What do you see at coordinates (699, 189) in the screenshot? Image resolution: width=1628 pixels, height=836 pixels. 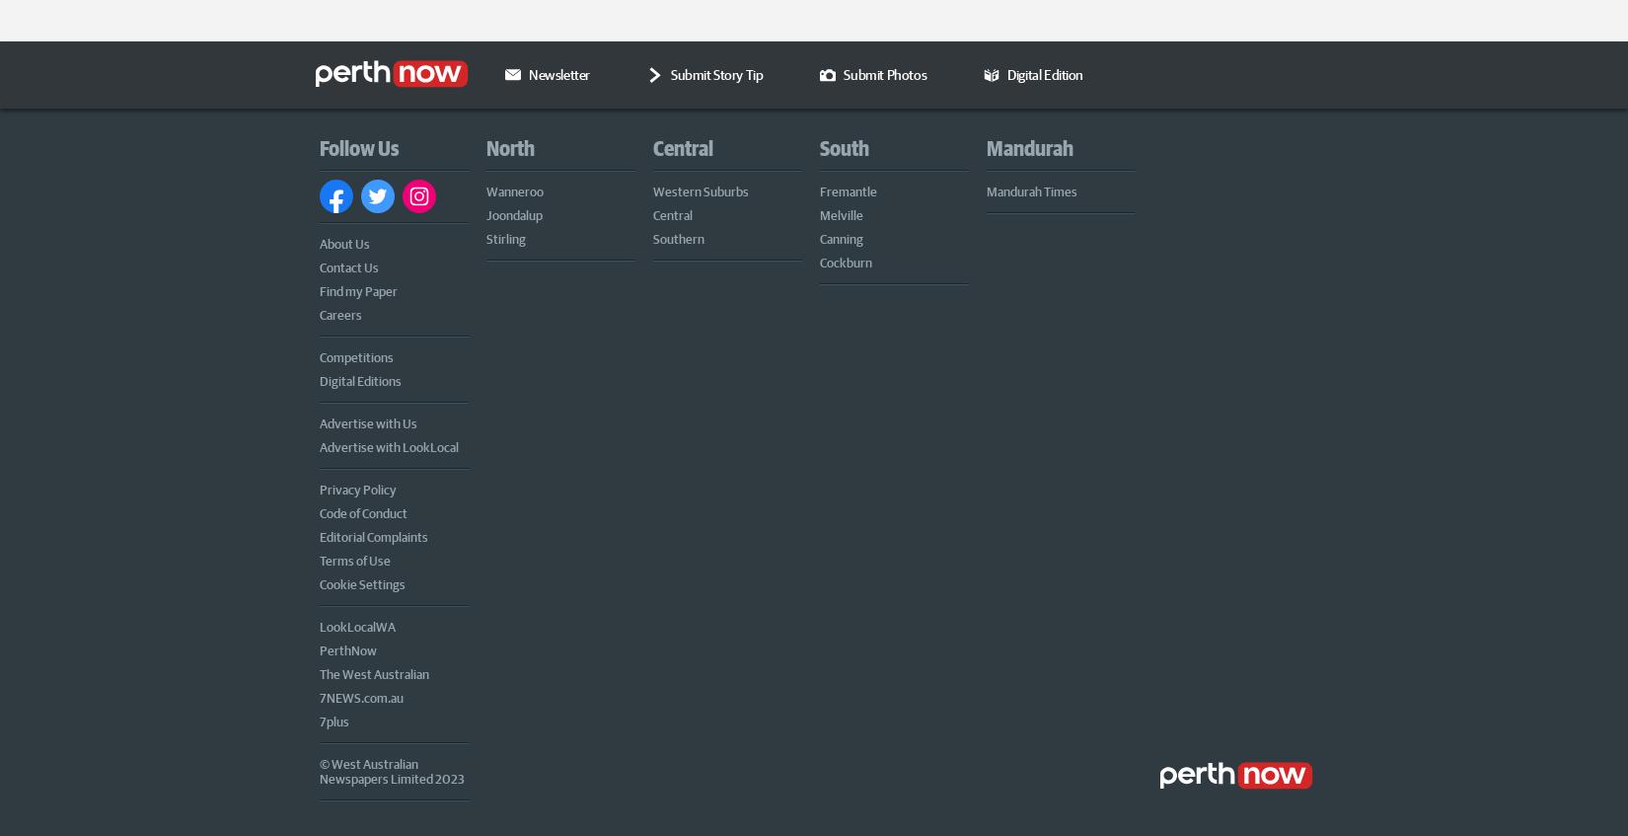 I see `'Western Suburbs'` at bounding box center [699, 189].